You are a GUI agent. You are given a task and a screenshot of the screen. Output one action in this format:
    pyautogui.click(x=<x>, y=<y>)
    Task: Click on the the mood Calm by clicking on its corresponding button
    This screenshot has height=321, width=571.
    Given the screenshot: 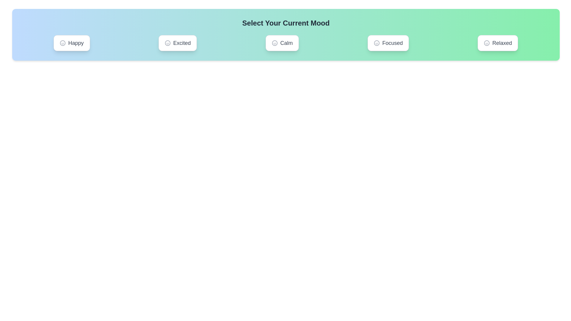 What is the action you would take?
    pyautogui.click(x=282, y=43)
    